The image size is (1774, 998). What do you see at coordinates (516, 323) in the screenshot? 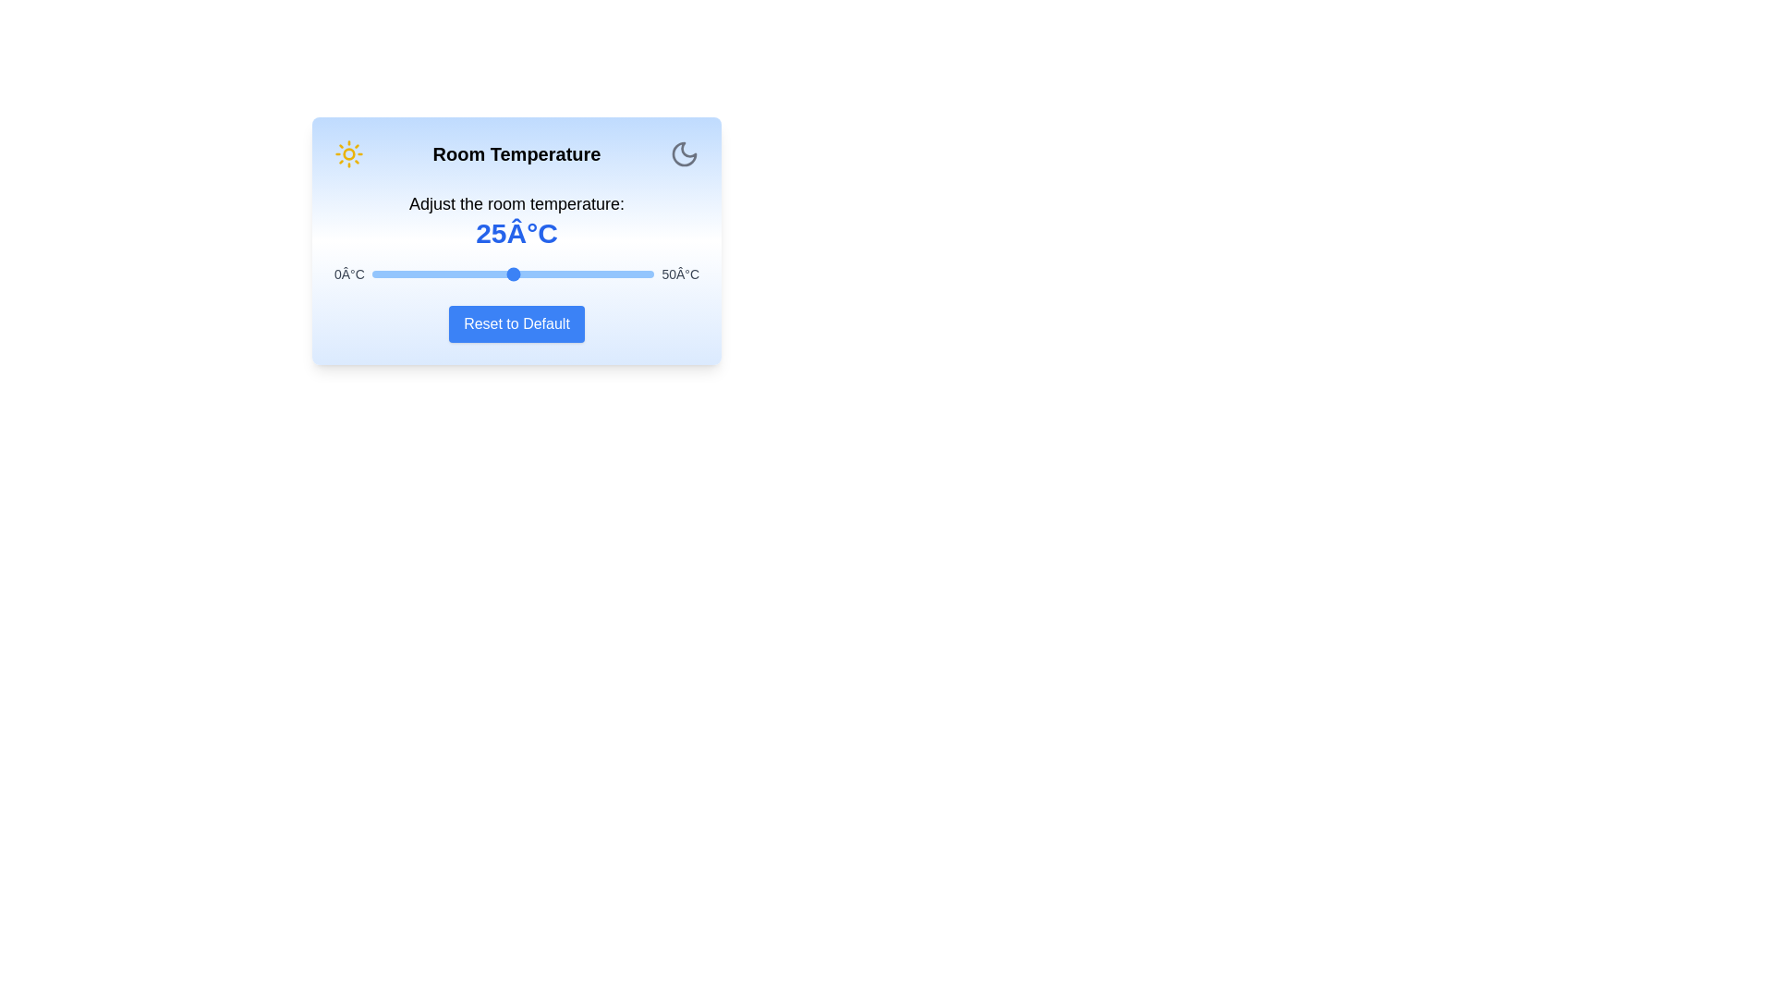
I see `'Reset to Default' button to reset the temperature` at bounding box center [516, 323].